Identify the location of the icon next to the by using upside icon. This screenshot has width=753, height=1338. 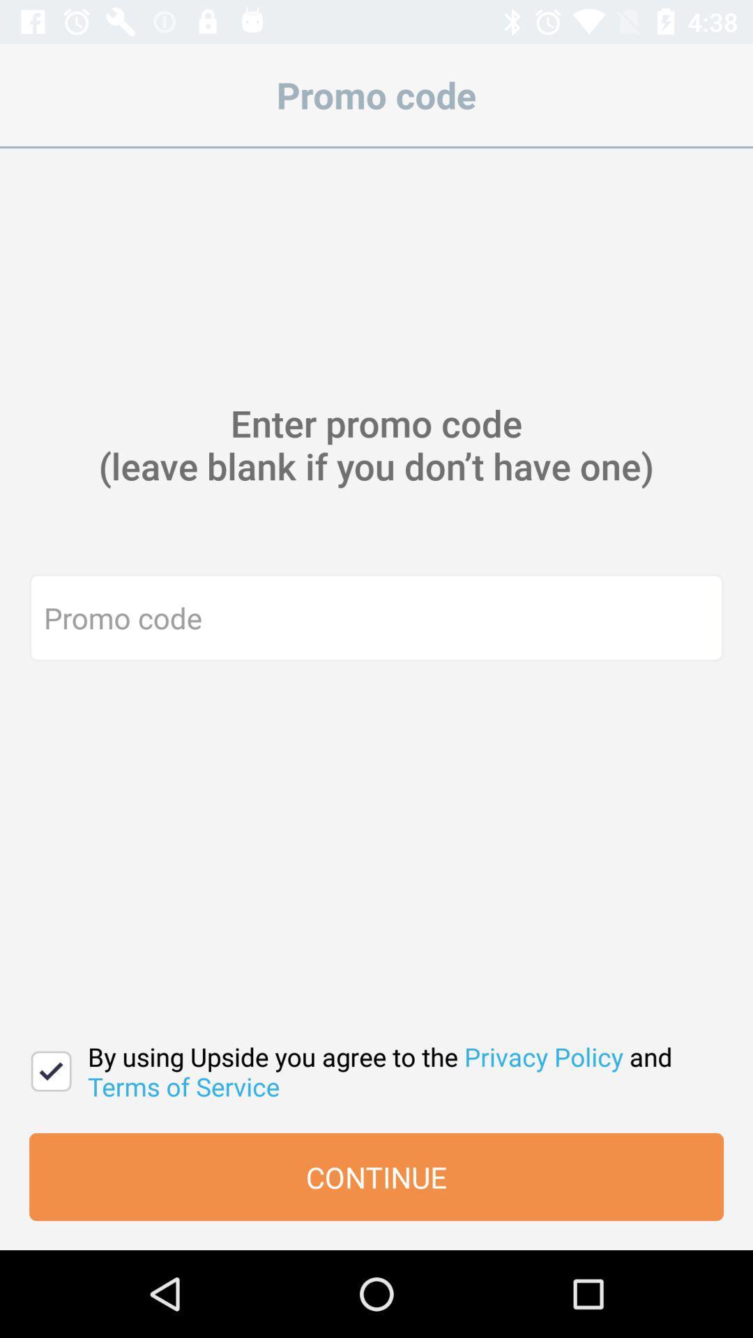
(50, 1070).